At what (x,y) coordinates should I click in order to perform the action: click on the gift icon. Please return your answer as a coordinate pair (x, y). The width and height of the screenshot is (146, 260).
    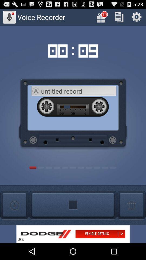
    Looking at the image, I should click on (102, 18).